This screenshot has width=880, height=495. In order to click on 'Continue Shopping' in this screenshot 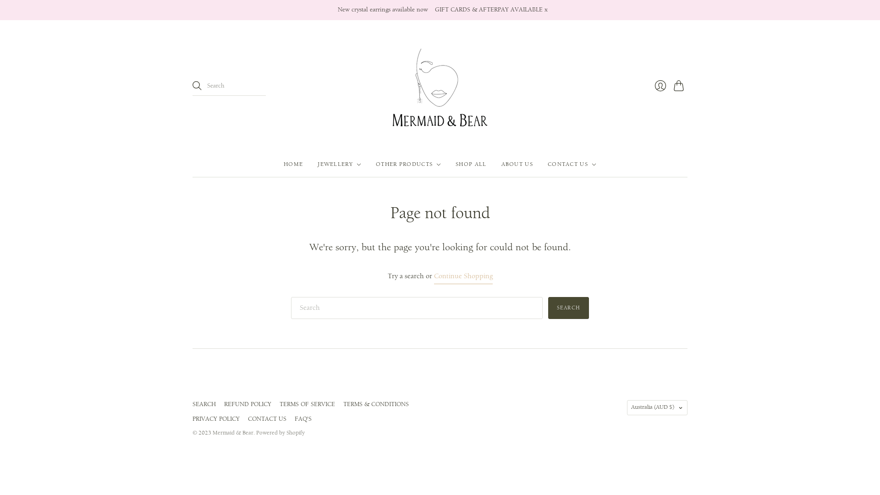, I will do `click(462, 276)`.